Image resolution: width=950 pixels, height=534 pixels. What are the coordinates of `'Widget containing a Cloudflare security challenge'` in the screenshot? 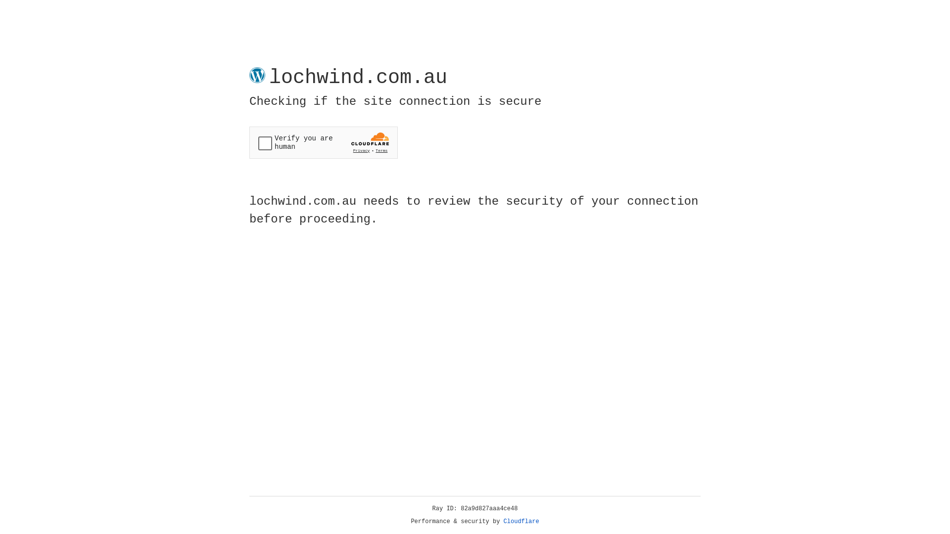 It's located at (323, 142).